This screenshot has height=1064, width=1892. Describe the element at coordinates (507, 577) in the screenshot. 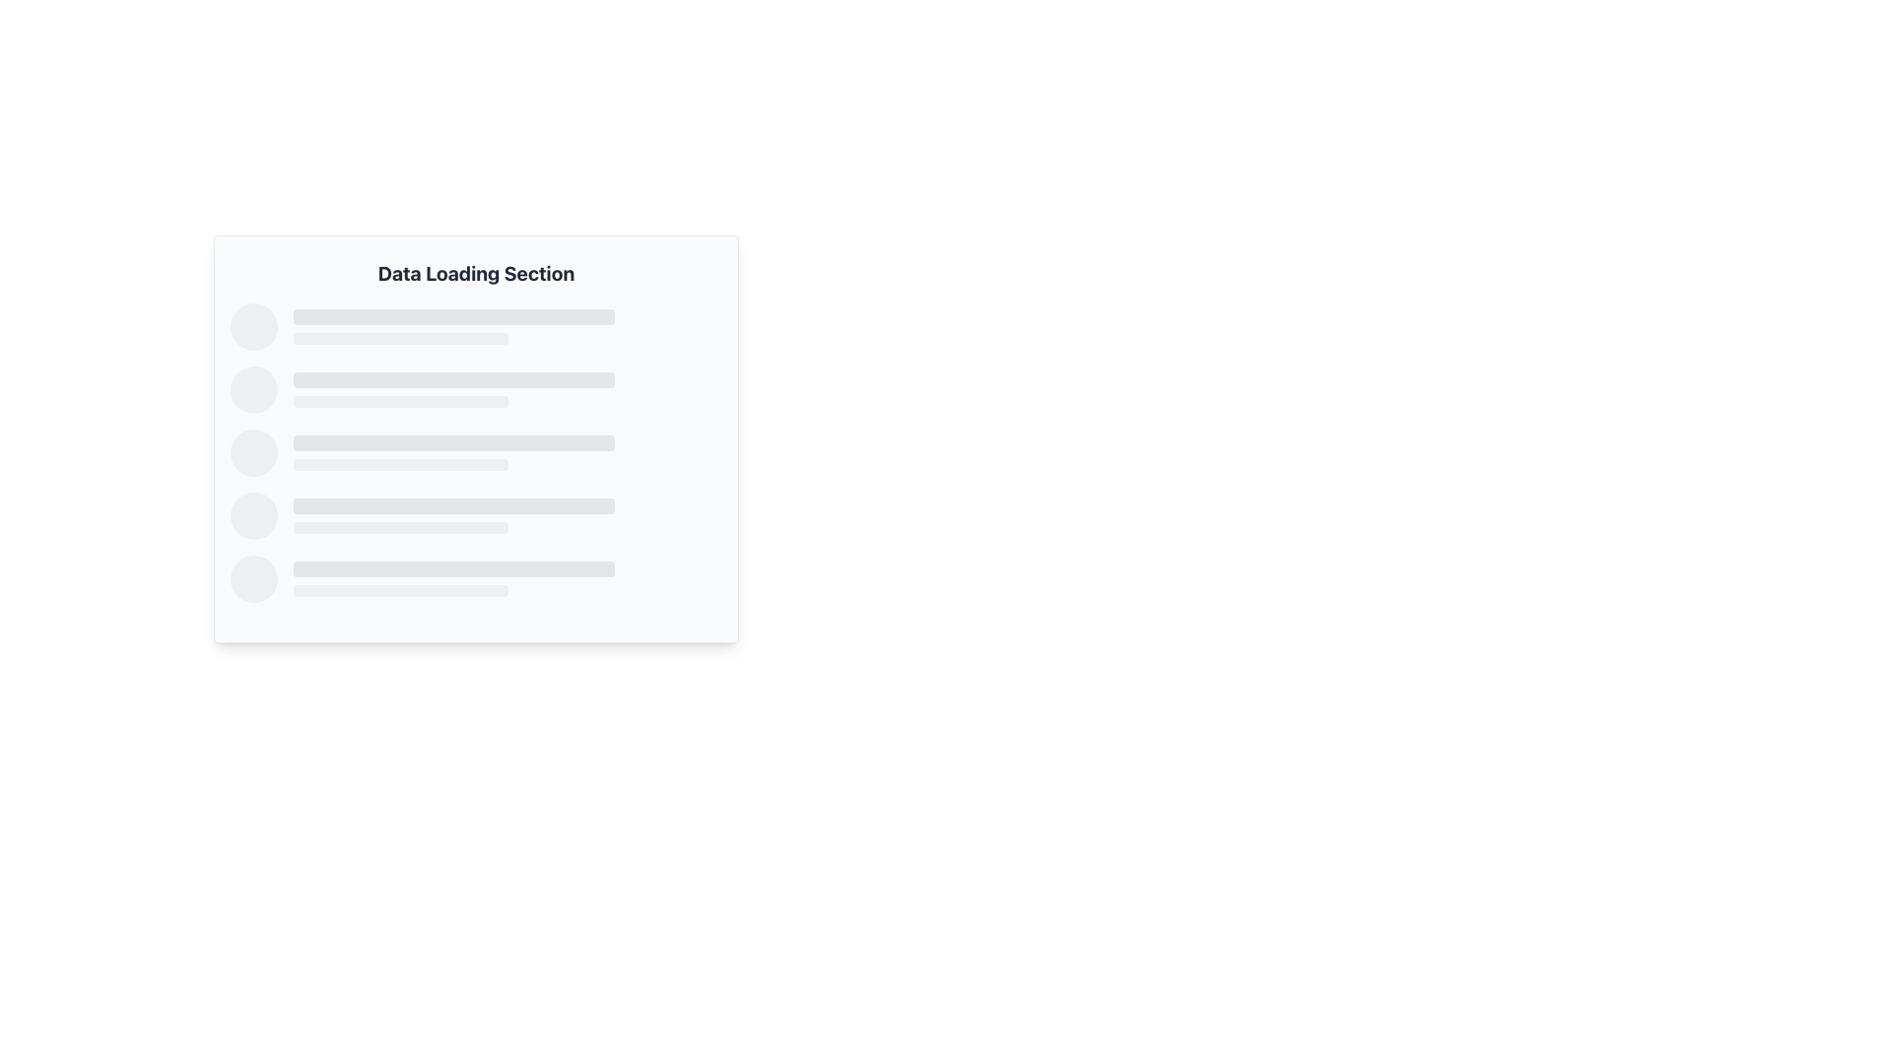

I see `the Skeleton placeholder element used for simulating loading data, positioned to the right of a circular placeholder image and below similar placeholder bars` at that location.